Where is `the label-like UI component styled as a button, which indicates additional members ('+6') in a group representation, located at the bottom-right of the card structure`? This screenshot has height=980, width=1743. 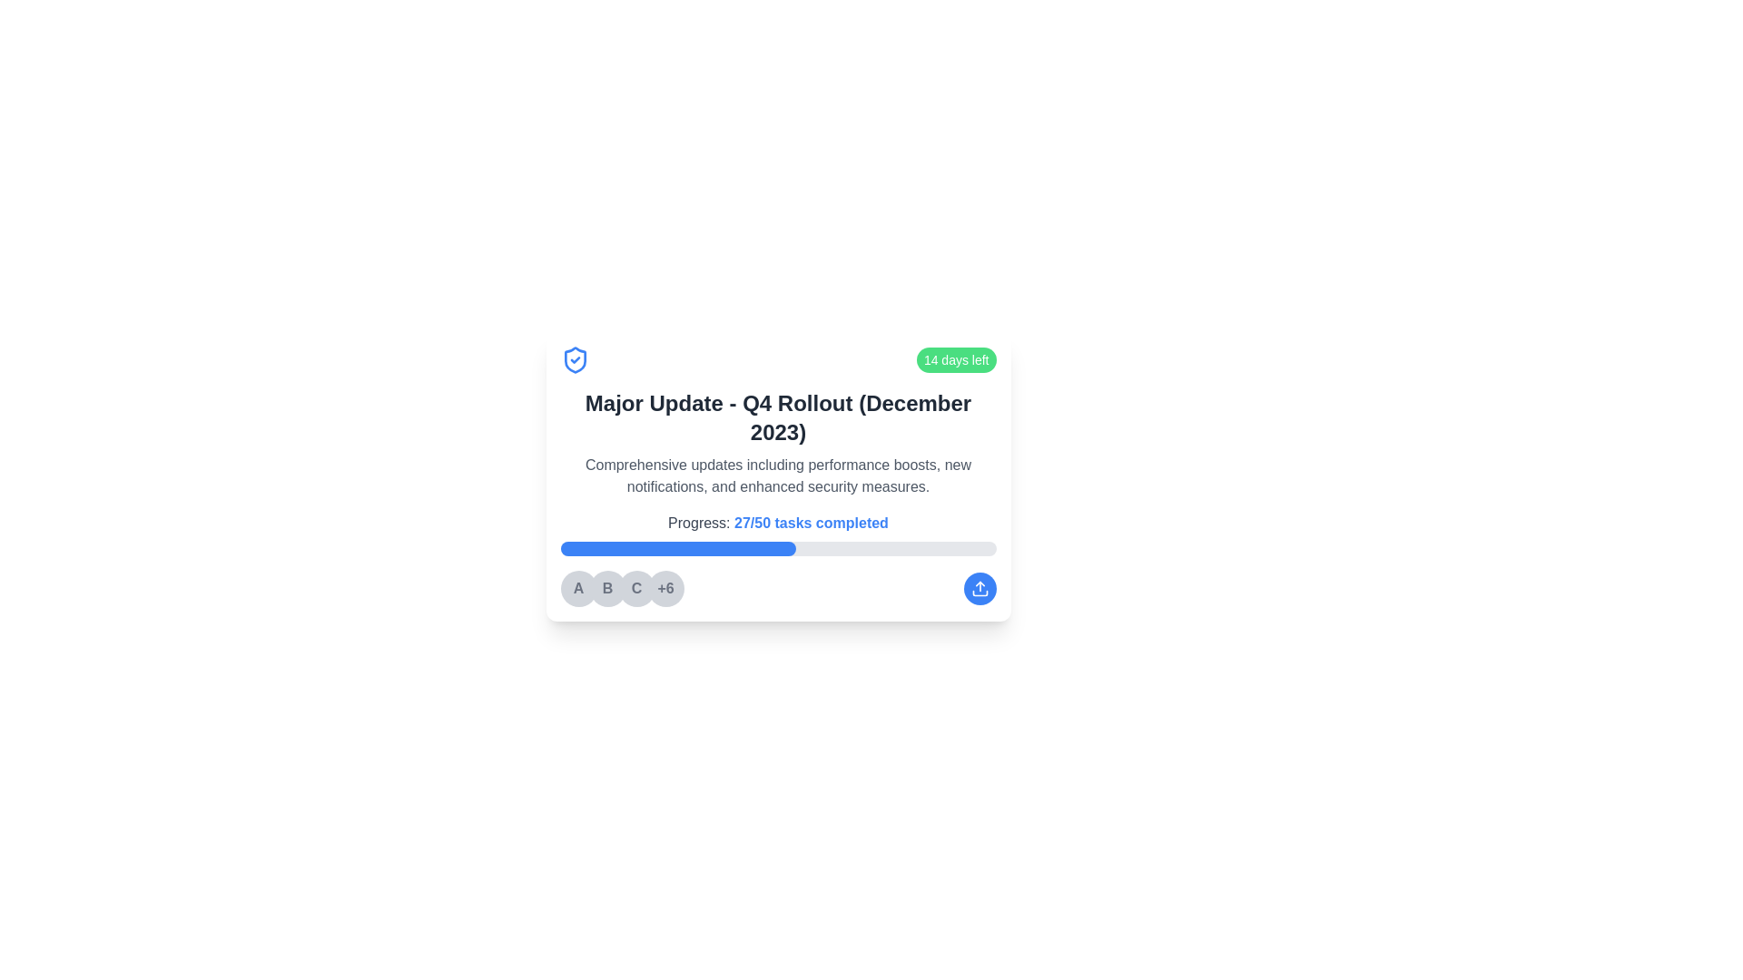 the label-like UI component styled as a button, which indicates additional members ('+6') in a group representation, located at the bottom-right of the card structure is located at coordinates (665, 588).